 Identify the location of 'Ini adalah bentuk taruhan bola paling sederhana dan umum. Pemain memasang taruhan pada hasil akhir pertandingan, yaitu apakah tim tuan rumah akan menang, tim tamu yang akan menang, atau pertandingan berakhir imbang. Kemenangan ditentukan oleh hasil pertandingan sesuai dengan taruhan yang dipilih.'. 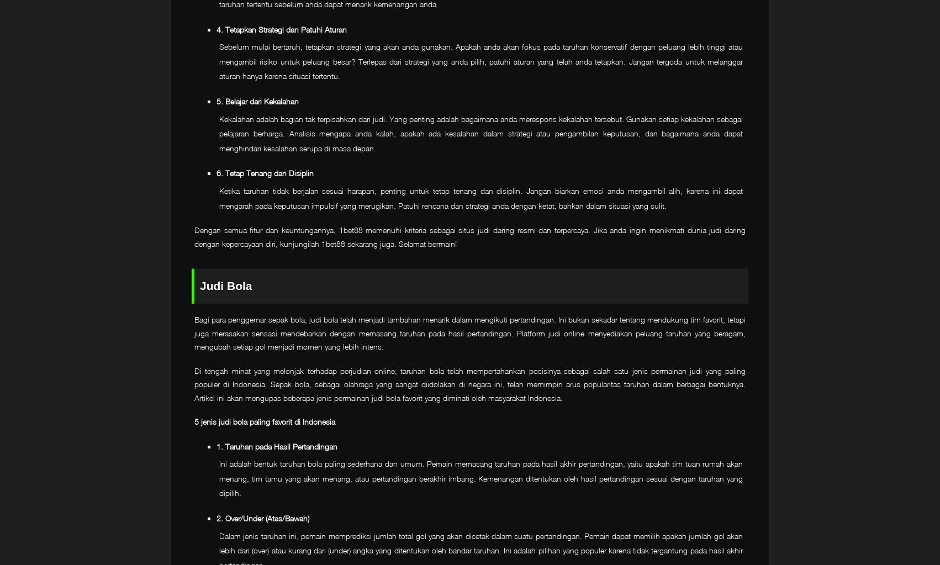
(481, 477).